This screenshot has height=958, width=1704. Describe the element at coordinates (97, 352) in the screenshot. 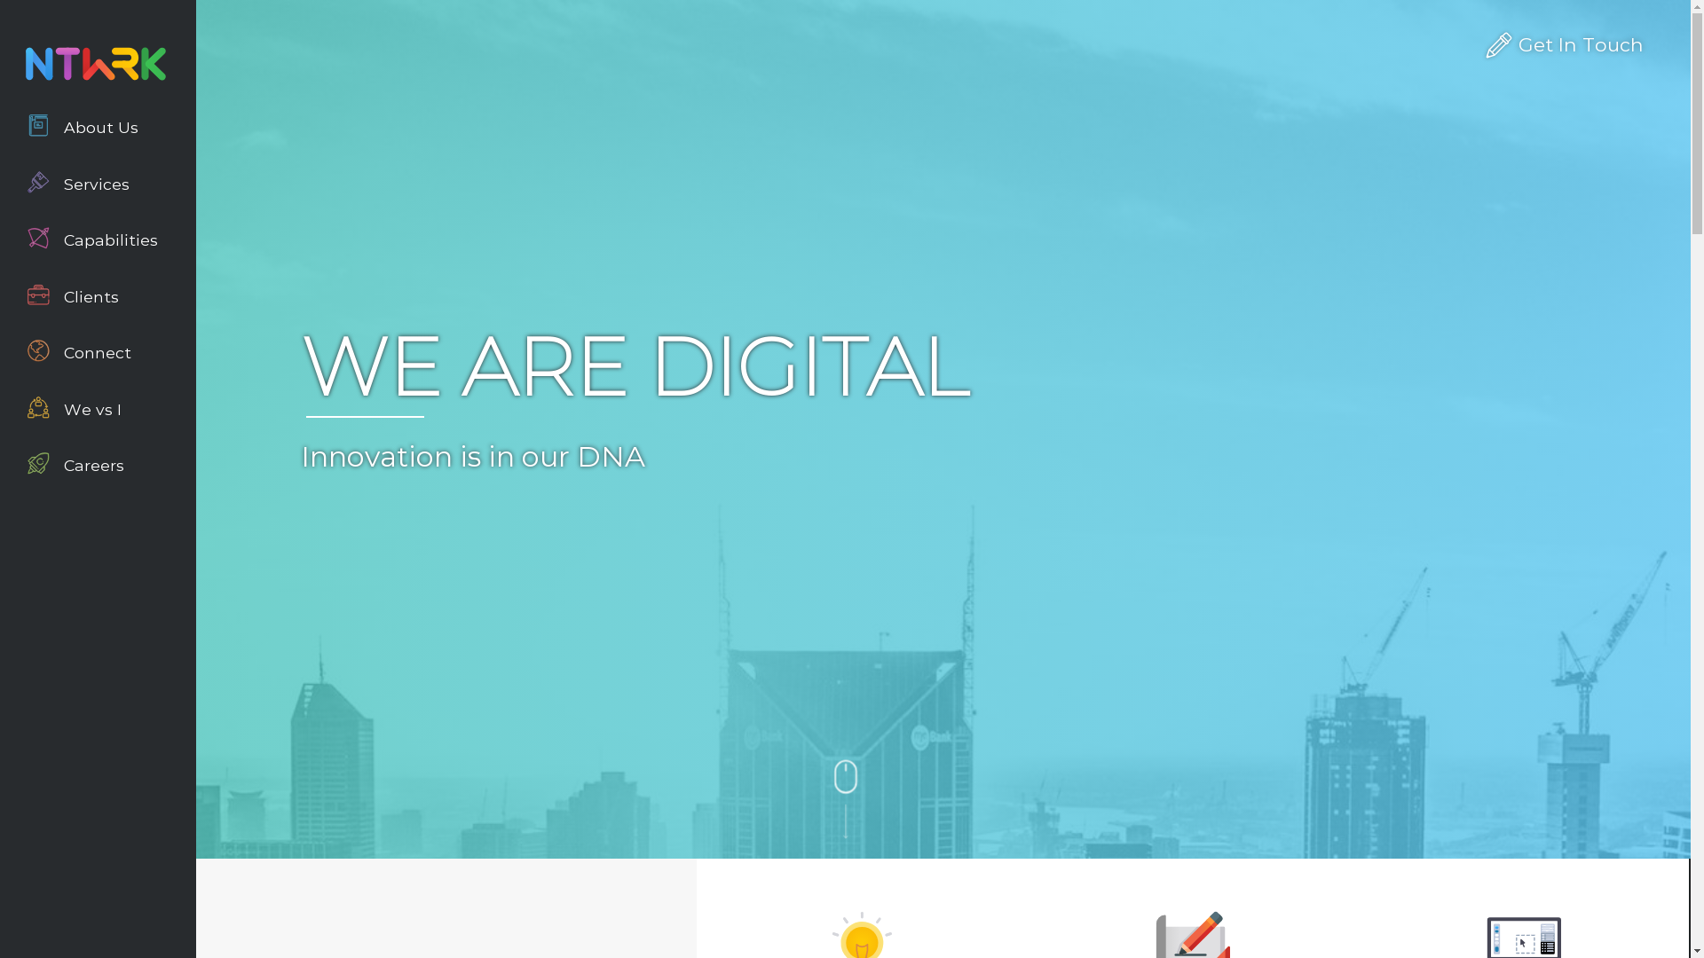

I see `'Connect'` at that location.